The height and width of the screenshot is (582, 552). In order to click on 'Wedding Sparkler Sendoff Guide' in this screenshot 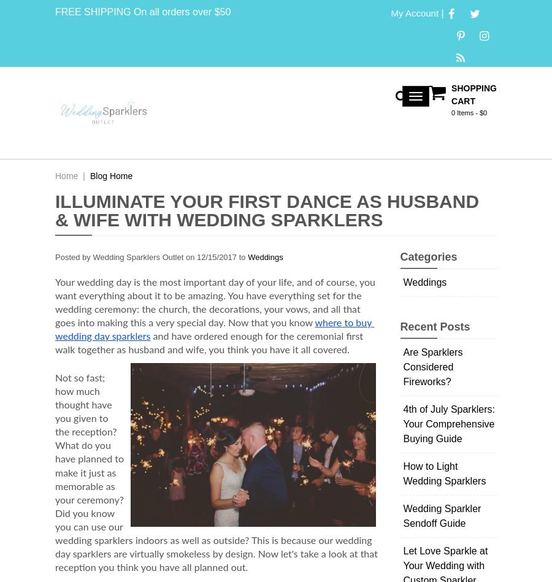, I will do `click(441, 515)`.